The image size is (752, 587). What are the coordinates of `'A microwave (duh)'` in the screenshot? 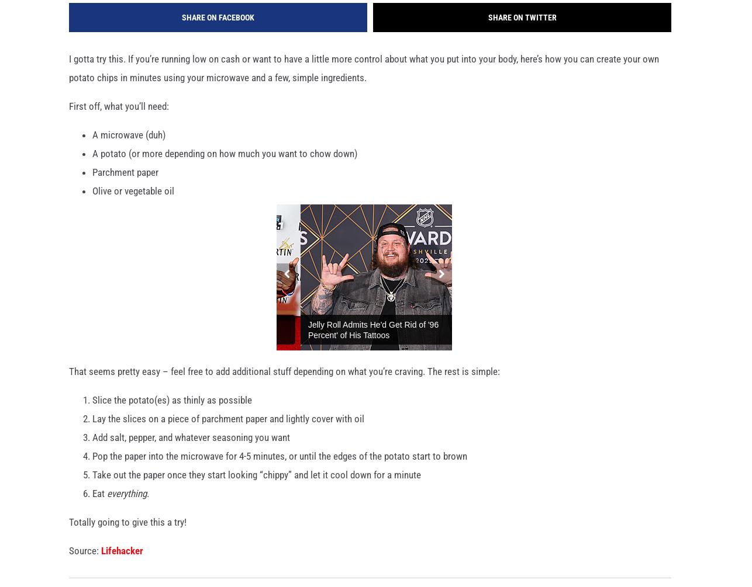 It's located at (129, 139).